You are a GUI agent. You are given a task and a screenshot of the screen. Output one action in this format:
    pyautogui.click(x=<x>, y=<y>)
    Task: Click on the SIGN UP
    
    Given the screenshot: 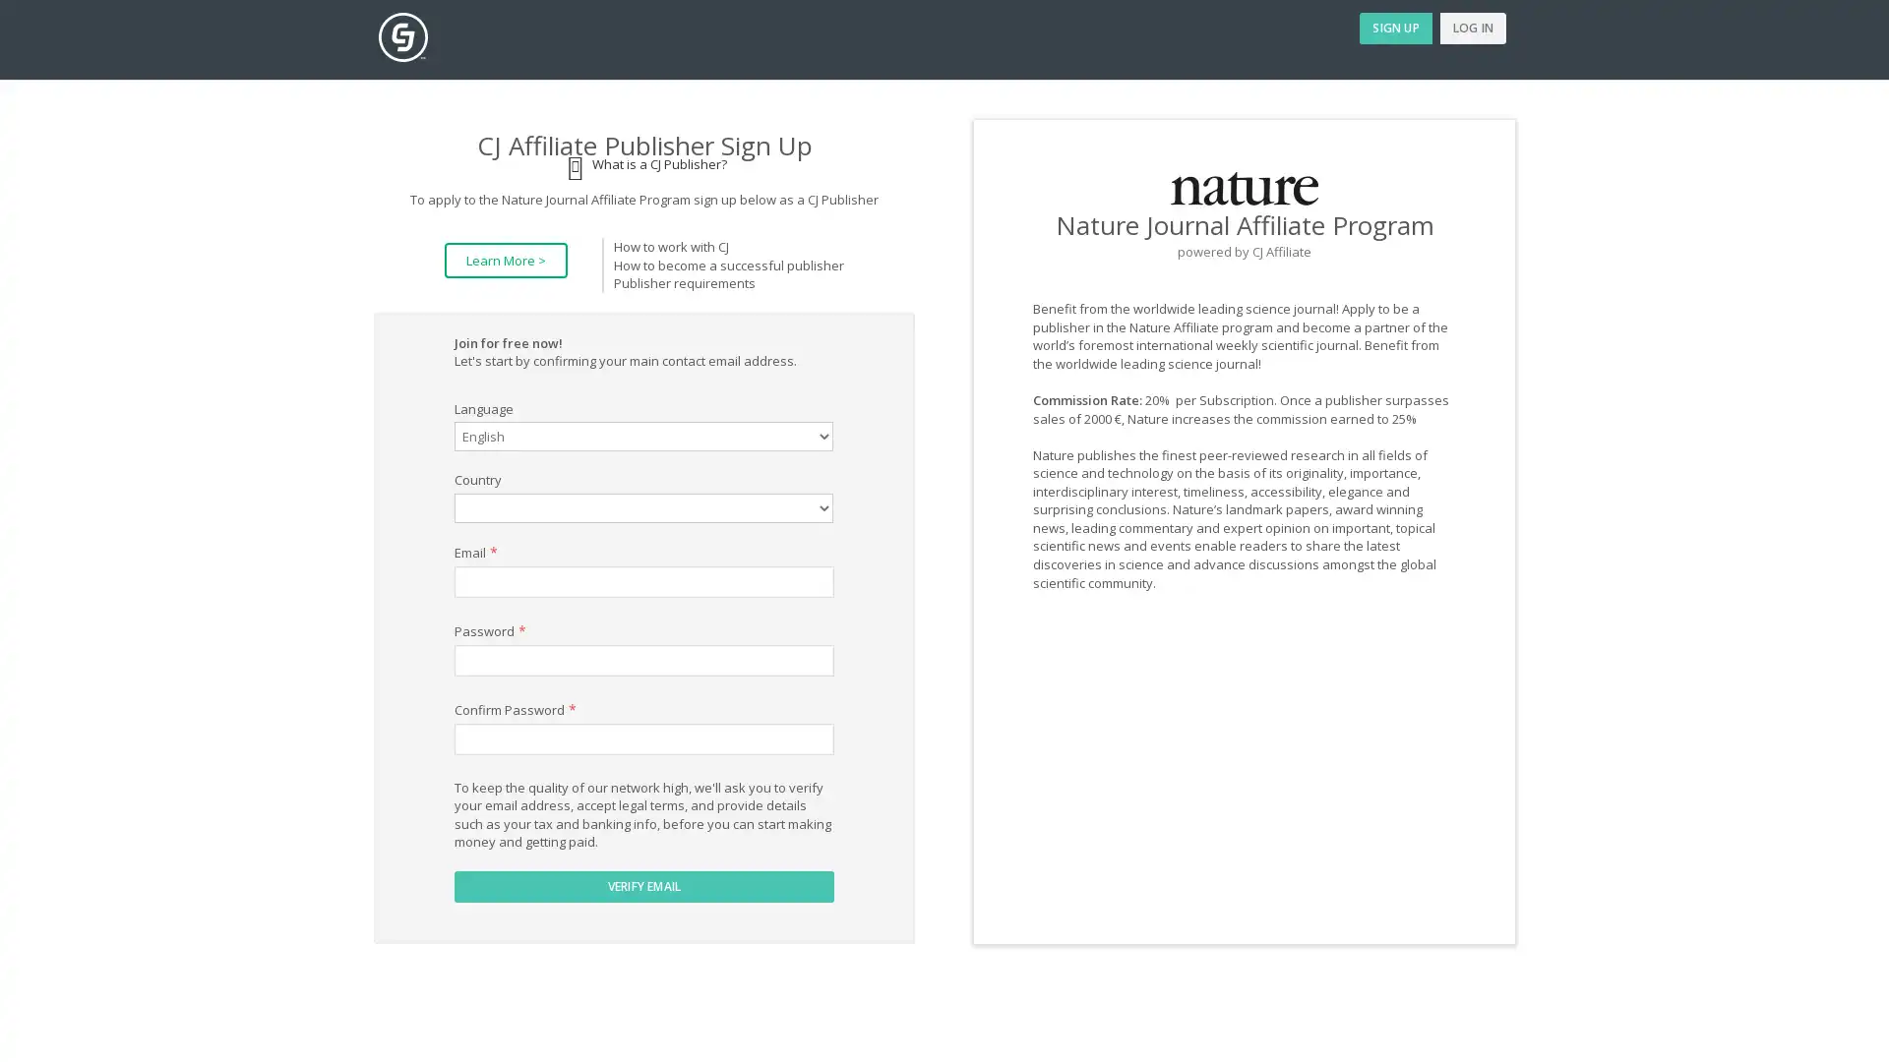 What is the action you would take?
    pyautogui.click(x=1394, y=29)
    